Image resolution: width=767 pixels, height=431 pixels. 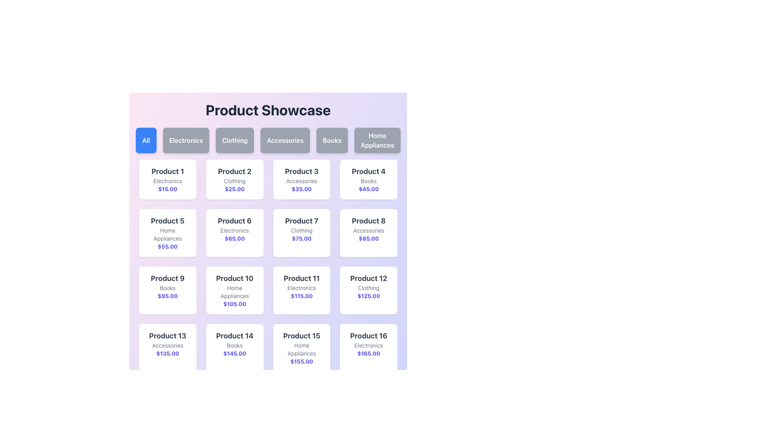 I want to click on the static price display for 'Product 9' located at the bottom of the product card beneath the category label 'Books', so click(x=167, y=296).